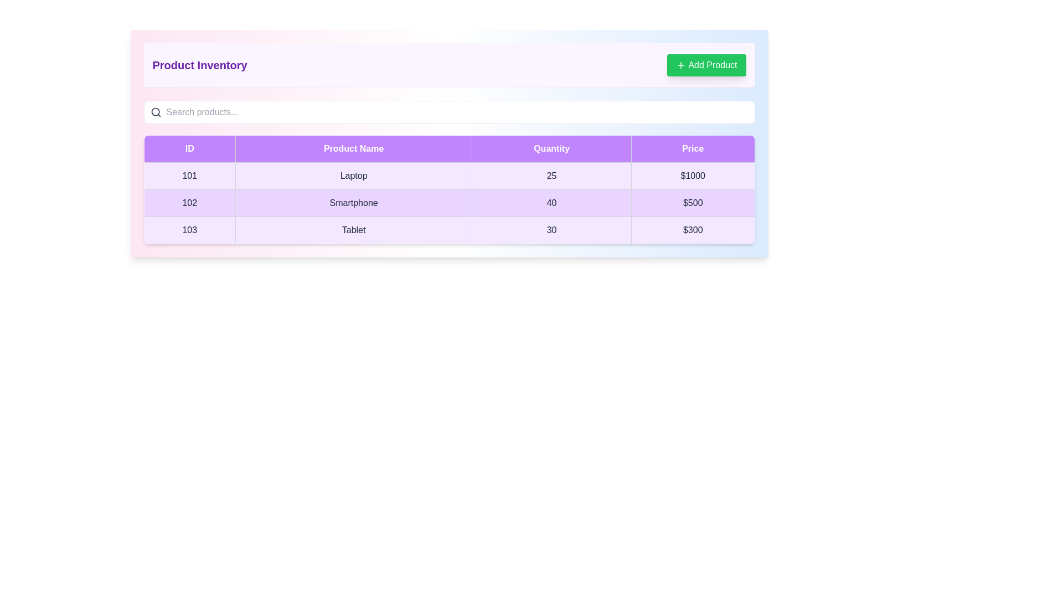  Describe the element at coordinates (353, 148) in the screenshot. I see `the table header cell labeled 'Product Name' which has a light purple background and white text, positioned between the 'ID' and 'Quantity' columns` at that location.